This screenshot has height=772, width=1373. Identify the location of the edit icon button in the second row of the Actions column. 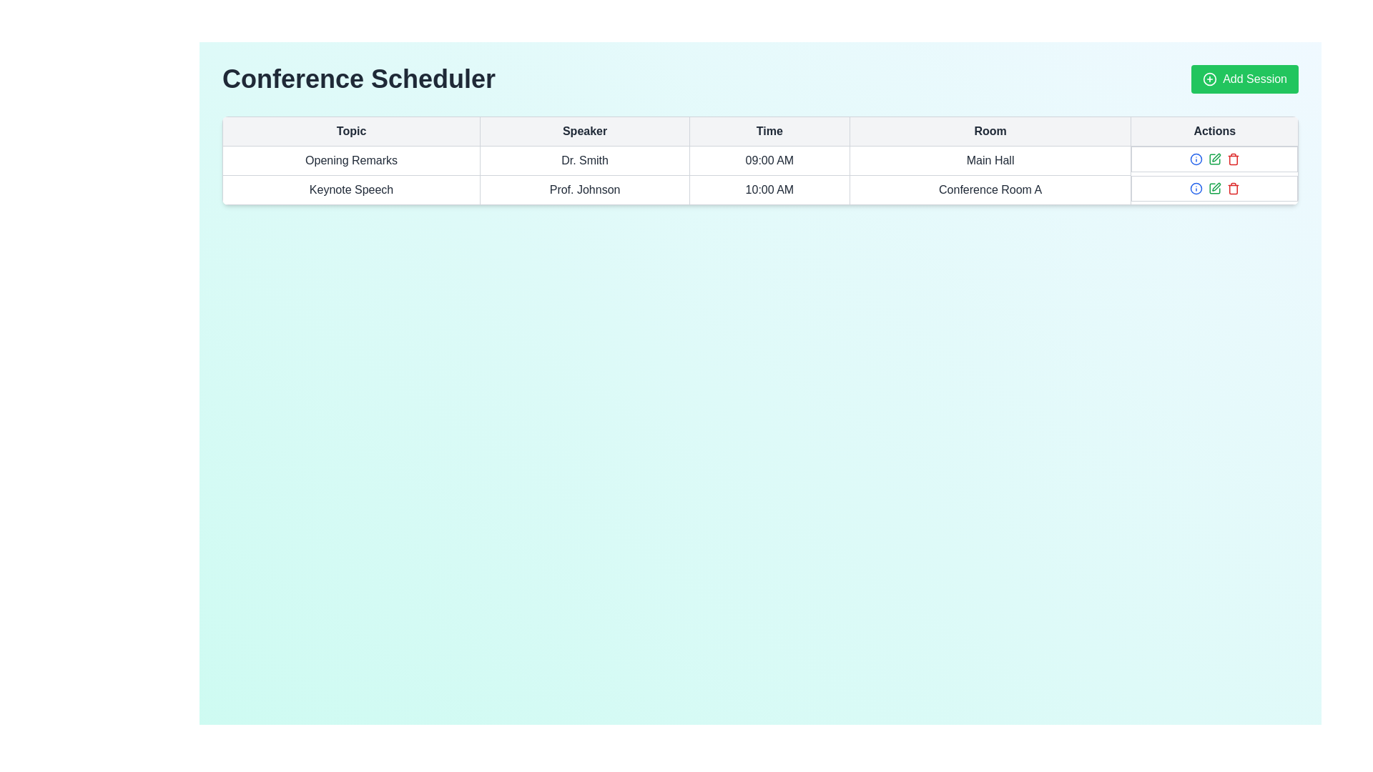
(1214, 159).